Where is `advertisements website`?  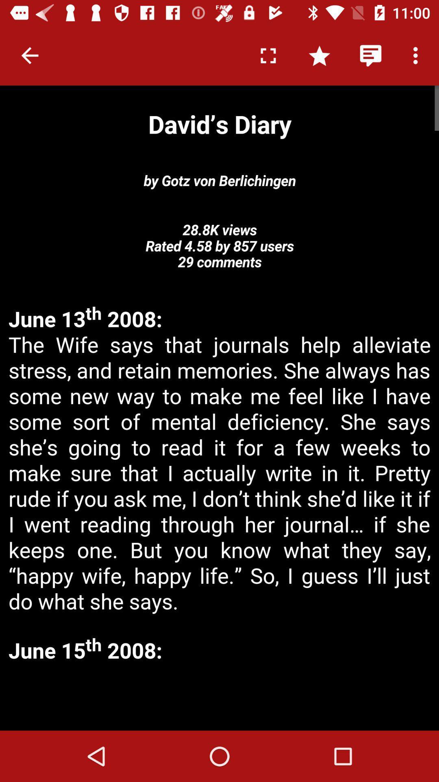 advertisements website is located at coordinates (219, 698).